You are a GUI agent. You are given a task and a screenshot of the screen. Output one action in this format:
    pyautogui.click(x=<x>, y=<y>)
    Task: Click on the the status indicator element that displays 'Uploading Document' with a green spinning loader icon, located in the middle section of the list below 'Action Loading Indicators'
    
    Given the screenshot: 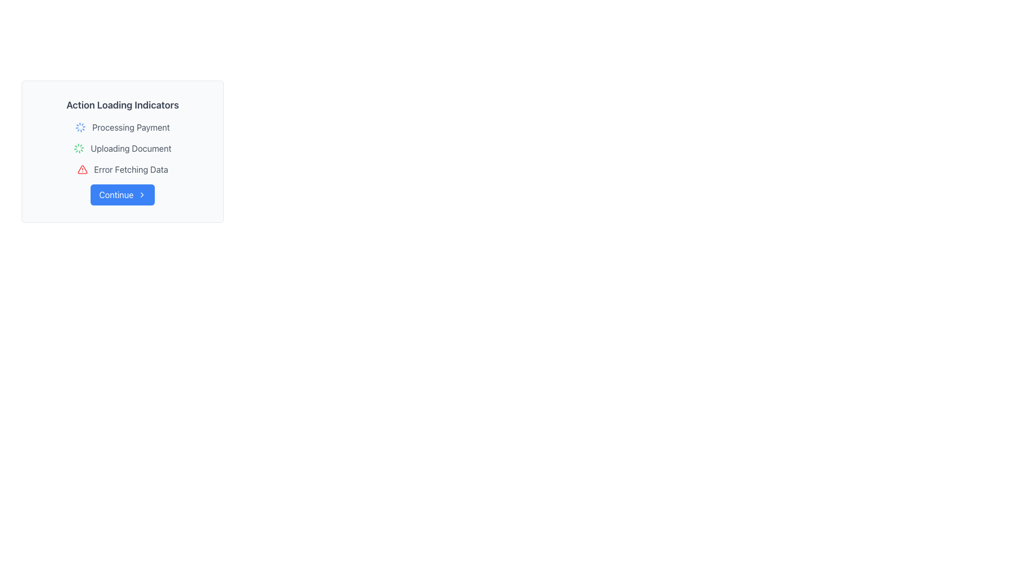 What is the action you would take?
    pyautogui.click(x=123, y=148)
    